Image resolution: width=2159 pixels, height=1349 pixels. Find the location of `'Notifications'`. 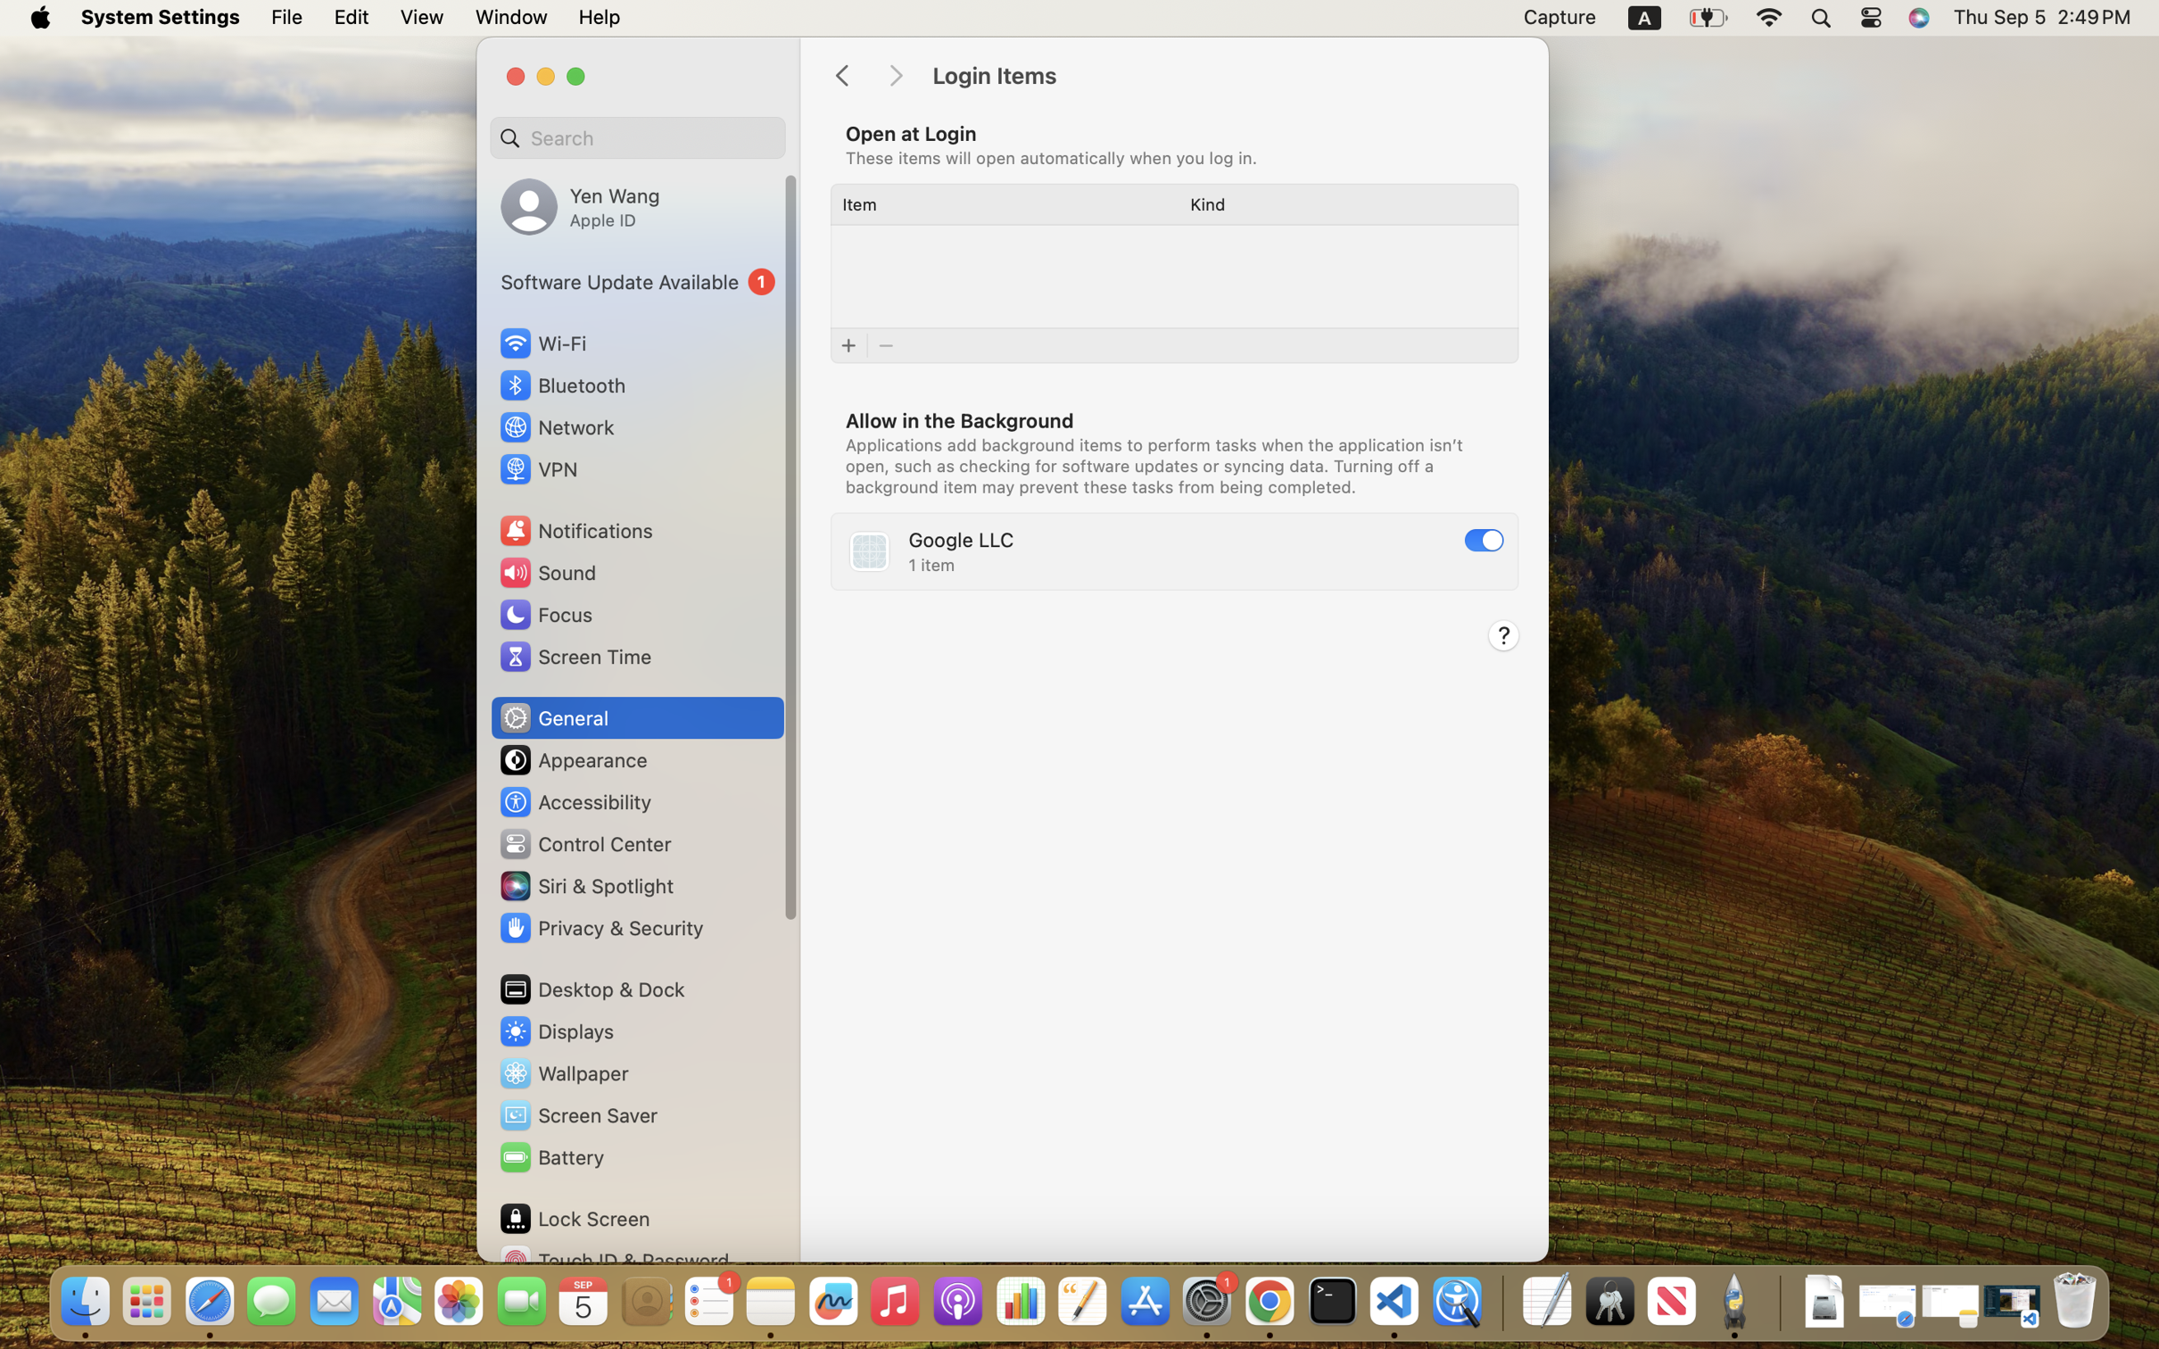

'Notifications' is located at coordinates (575, 529).